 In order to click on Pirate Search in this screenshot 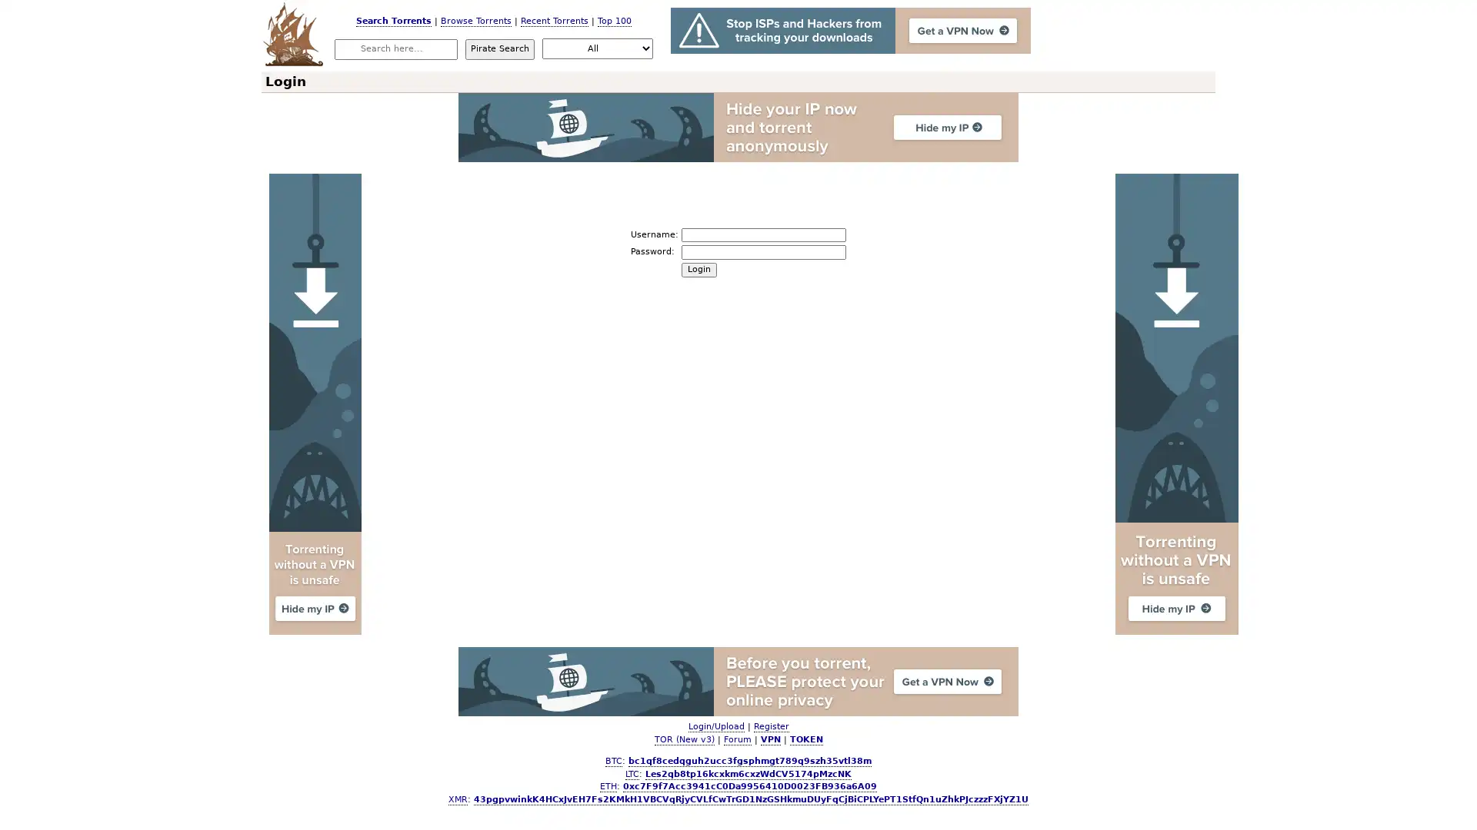, I will do `click(499, 48)`.